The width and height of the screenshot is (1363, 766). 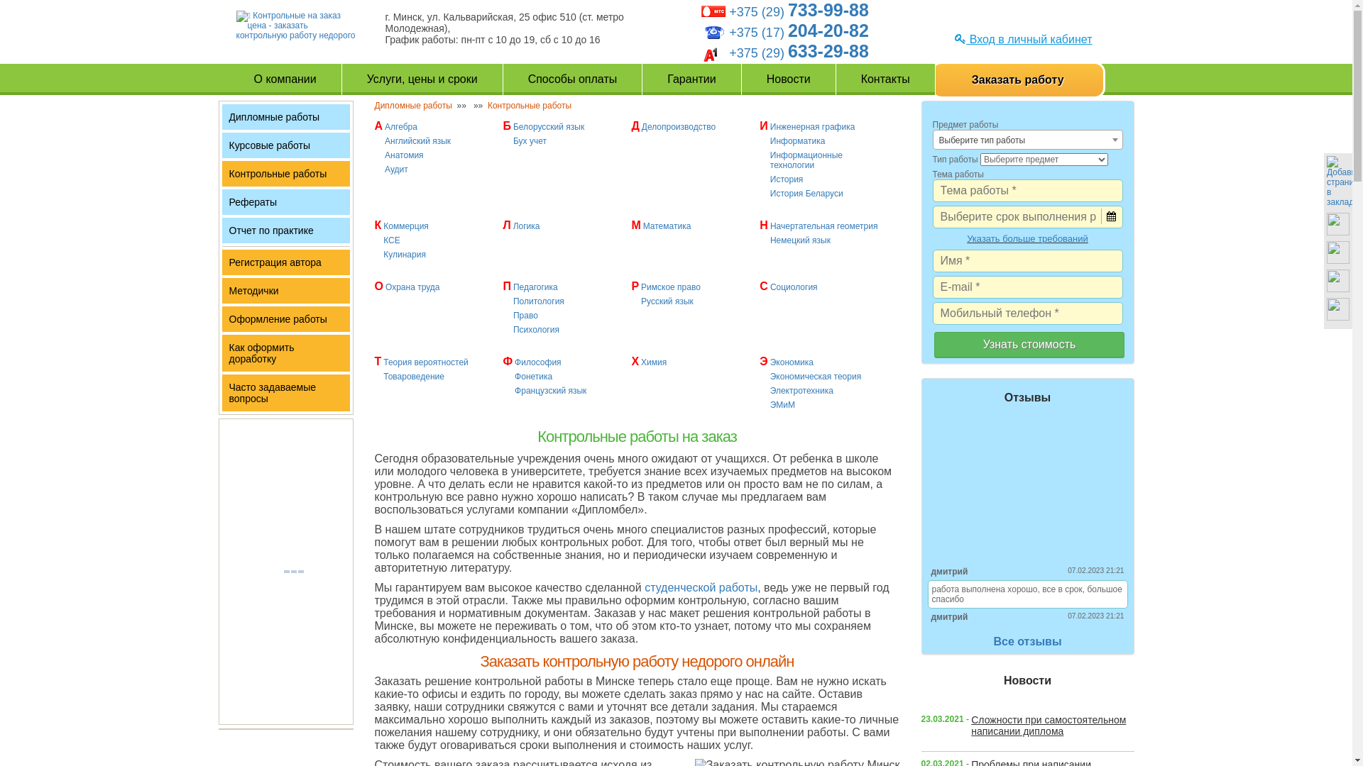 What do you see at coordinates (799, 52) in the screenshot?
I see `'+375 (29) 633-29-88'` at bounding box center [799, 52].